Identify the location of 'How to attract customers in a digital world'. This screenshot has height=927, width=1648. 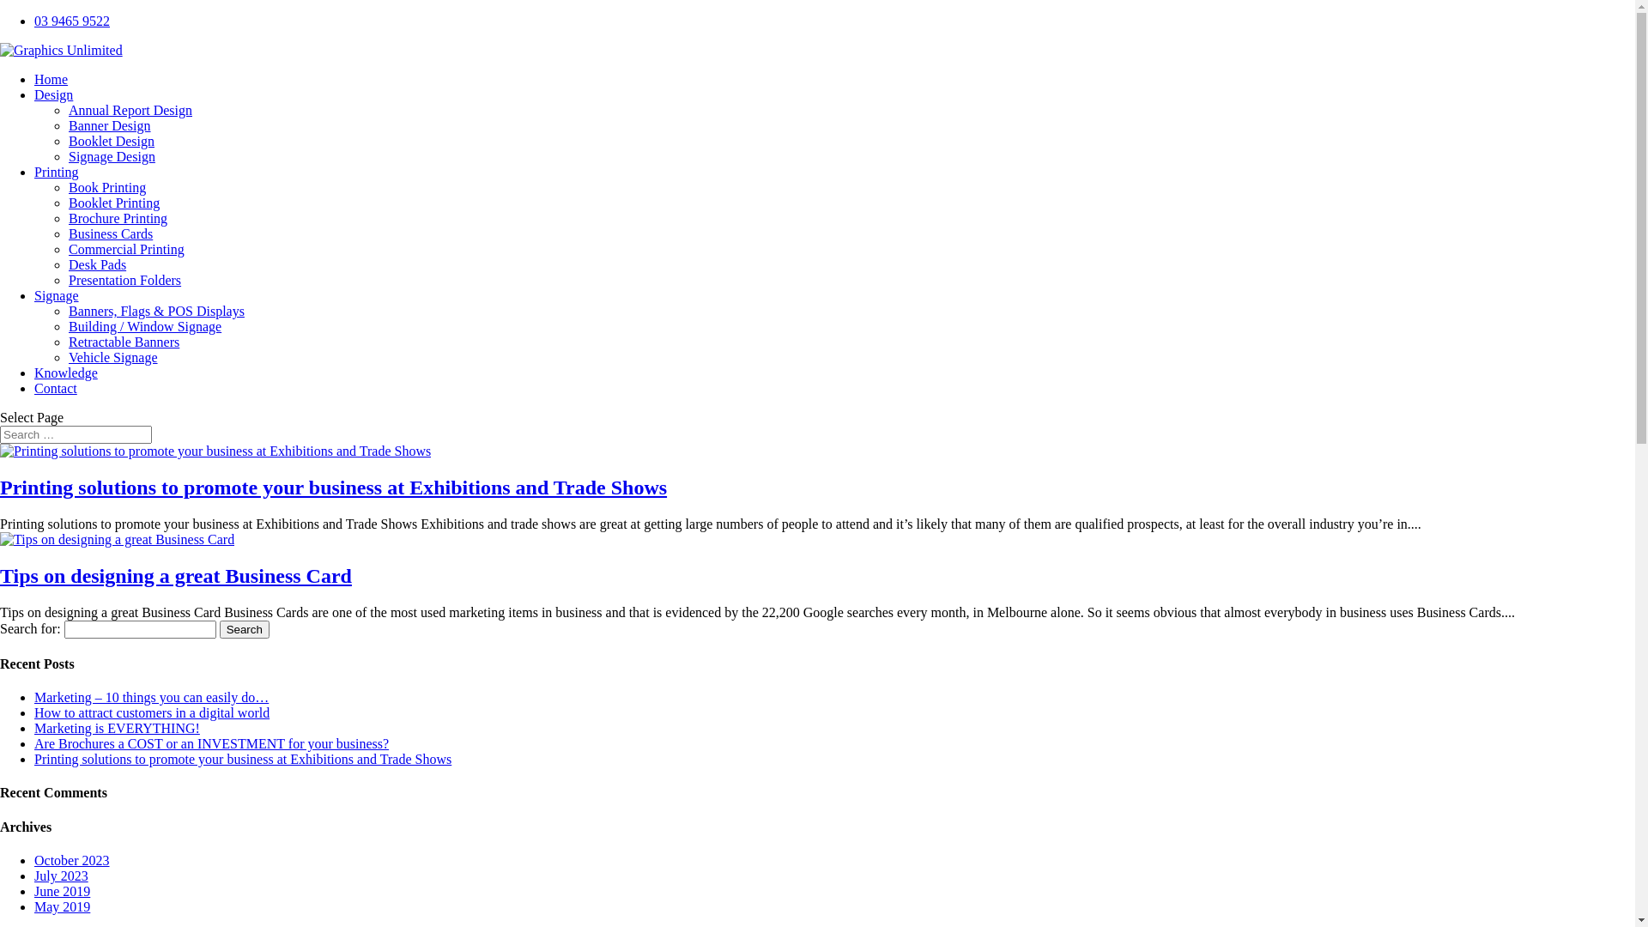
(152, 712).